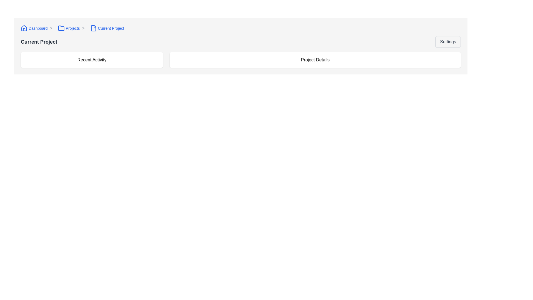  Describe the element at coordinates (69, 28) in the screenshot. I see `the 'Projects' hyperlink in the navigation bar` at that location.